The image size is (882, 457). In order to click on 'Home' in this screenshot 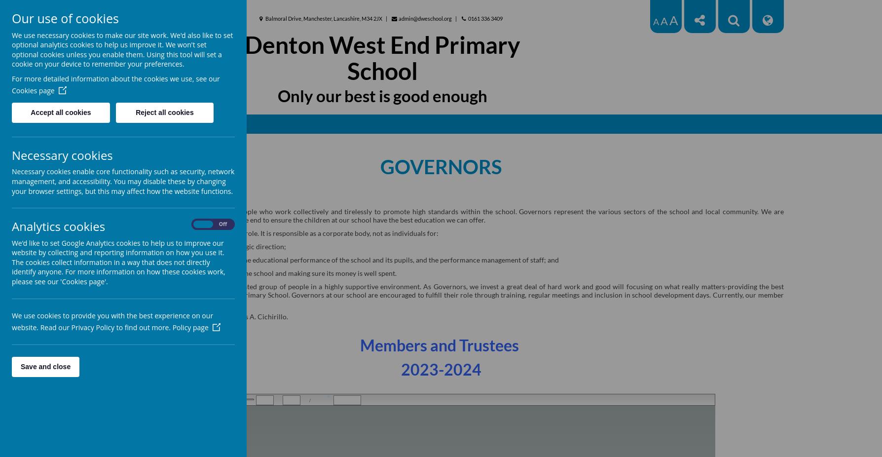, I will do `click(266, 123)`.